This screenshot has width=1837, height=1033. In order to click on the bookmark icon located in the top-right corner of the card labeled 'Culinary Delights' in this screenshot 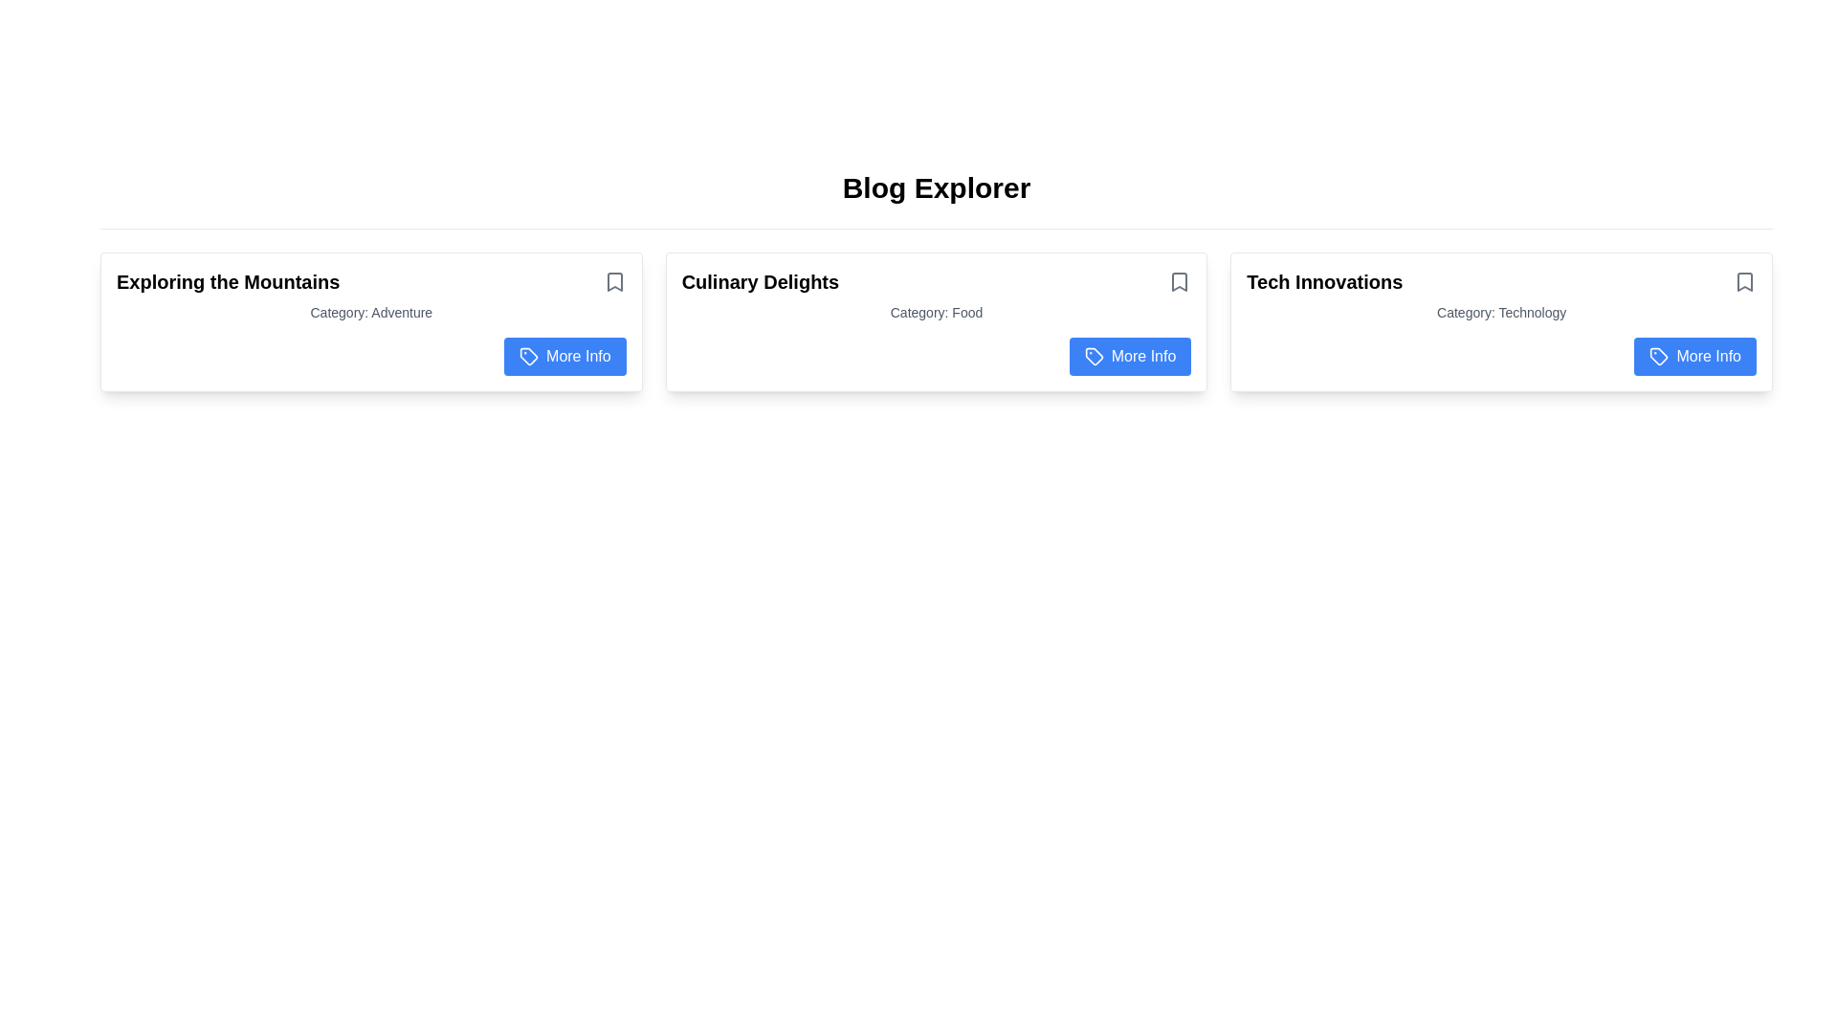, I will do `click(1179, 281)`.